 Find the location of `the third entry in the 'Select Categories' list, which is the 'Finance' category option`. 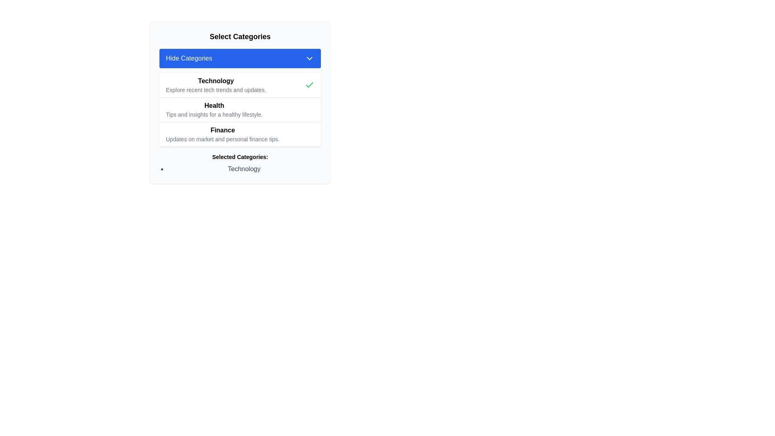

the third entry in the 'Select Categories' list, which is the 'Finance' category option is located at coordinates (240, 134).